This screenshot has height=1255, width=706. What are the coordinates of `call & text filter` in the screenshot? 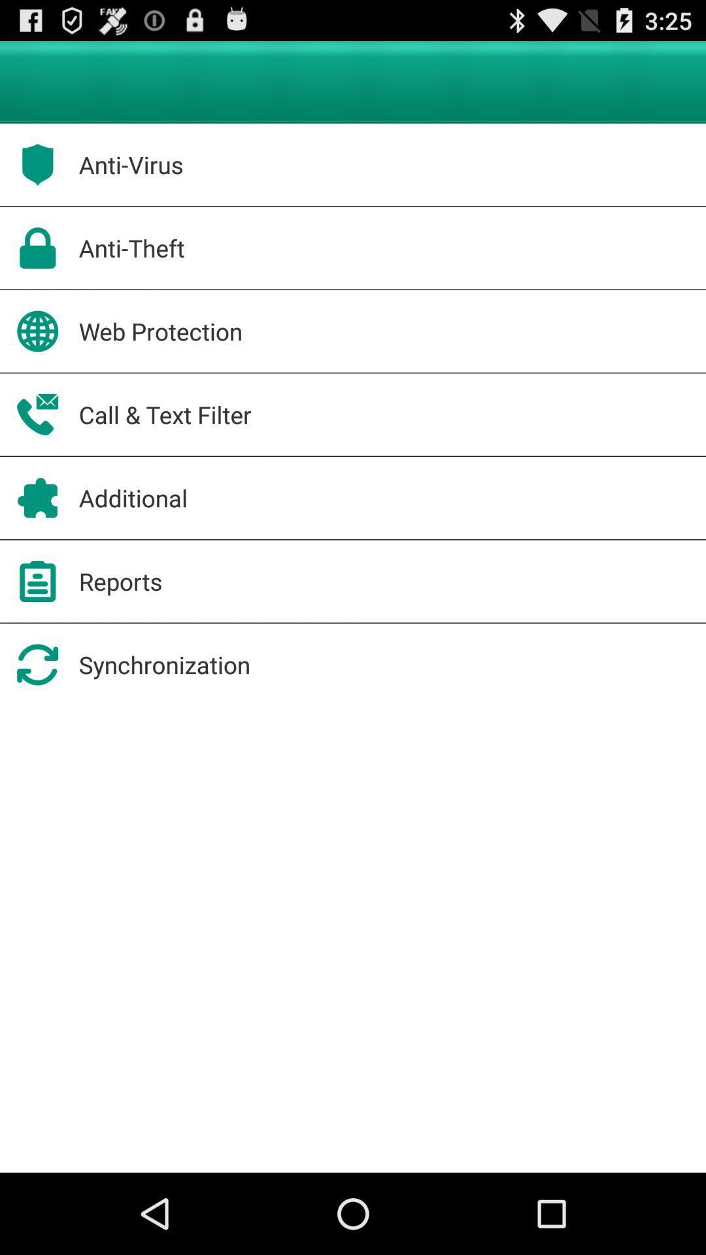 It's located at (164, 414).